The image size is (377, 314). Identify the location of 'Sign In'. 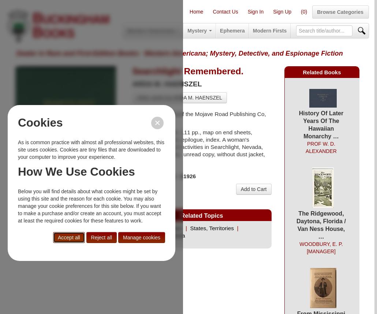
(247, 12).